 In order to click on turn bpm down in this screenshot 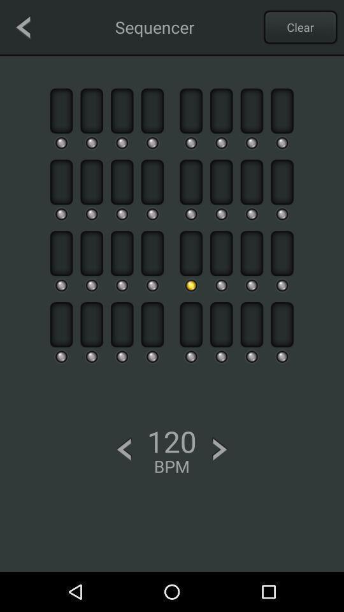, I will do `click(124, 449)`.